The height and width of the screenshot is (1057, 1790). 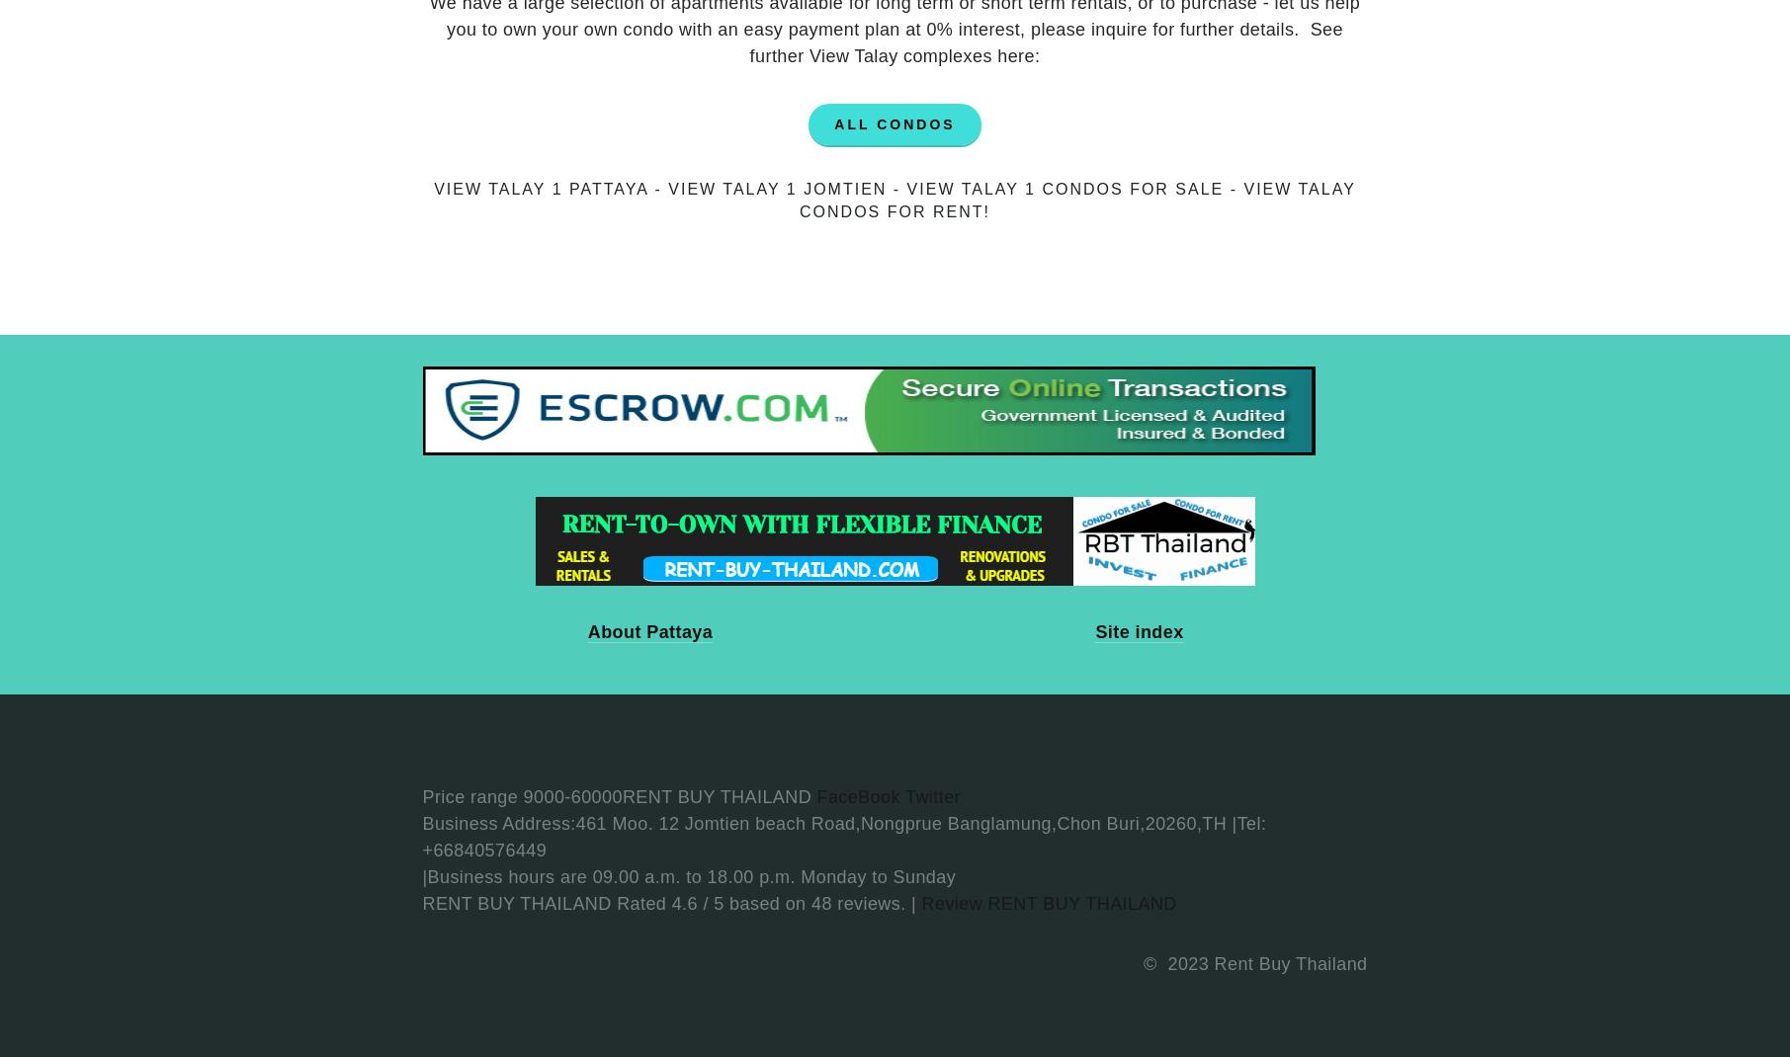 What do you see at coordinates (670, 902) in the screenshot?
I see `'4.6'` at bounding box center [670, 902].